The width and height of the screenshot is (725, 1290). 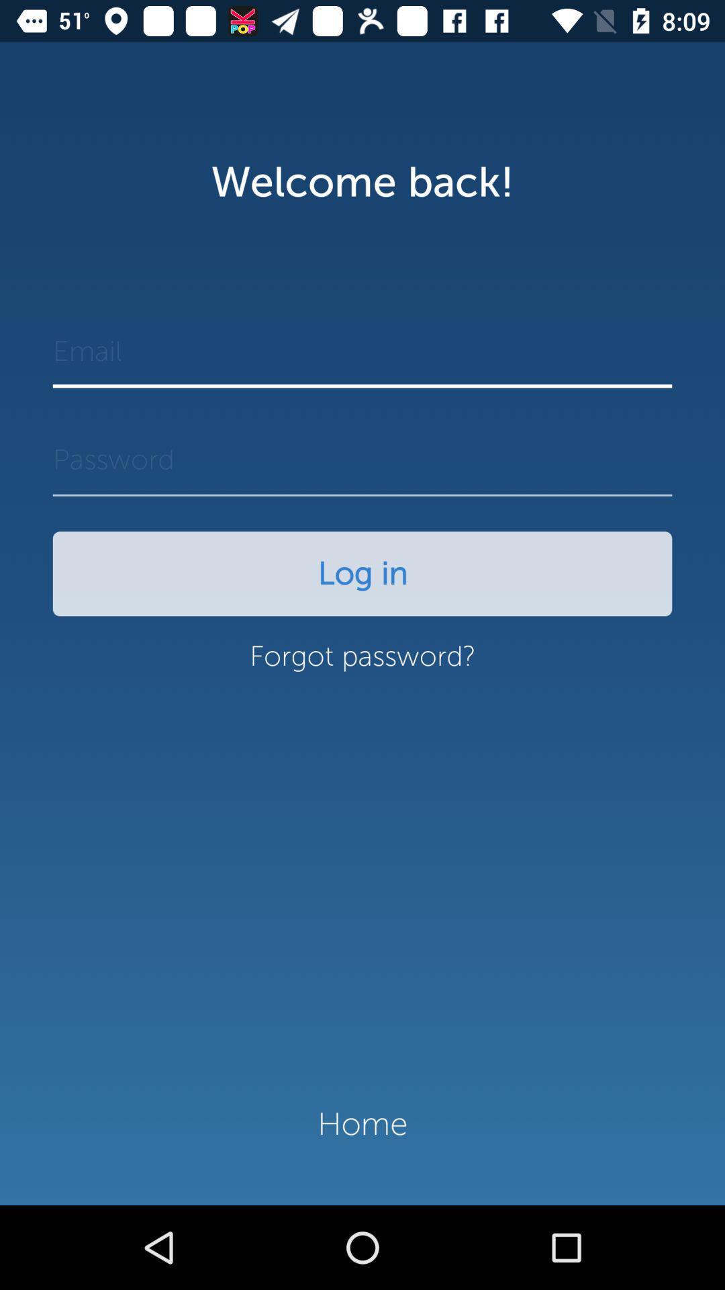 What do you see at coordinates (362, 1124) in the screenshot?
I see `home item` at bounding box center [362, 1124].